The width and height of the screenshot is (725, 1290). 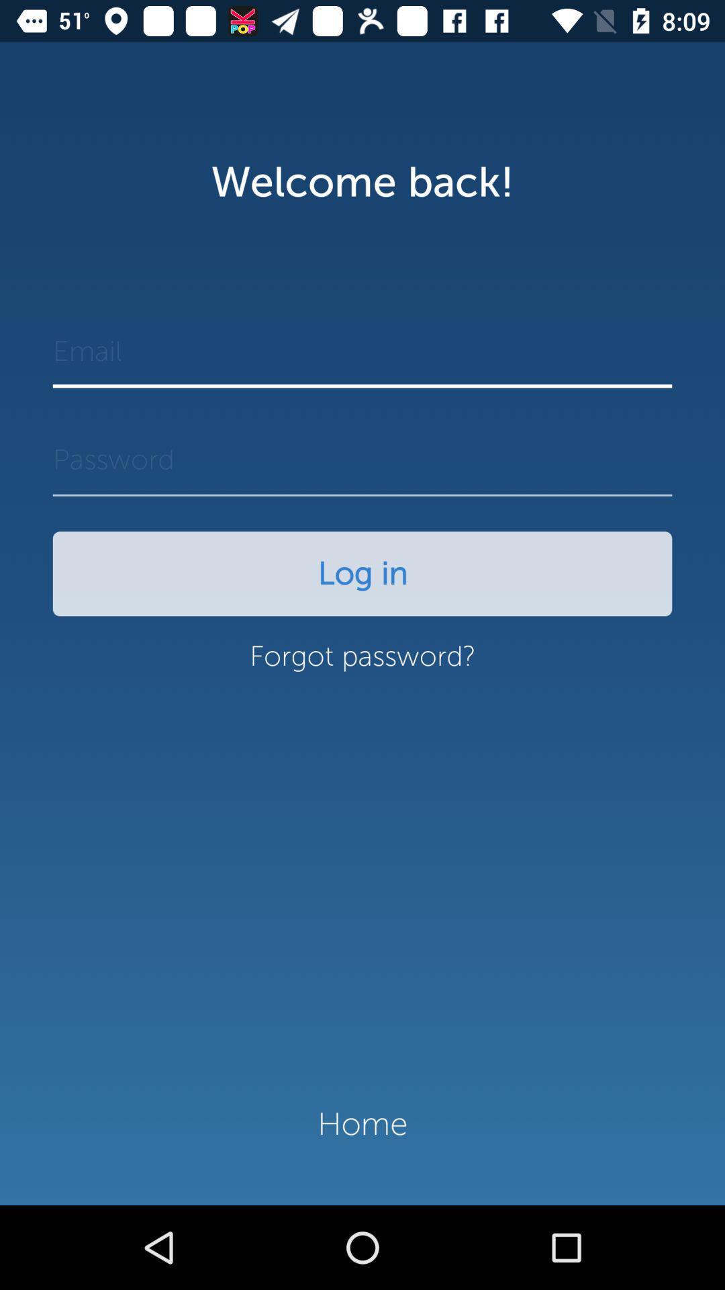 What do you see at coordinates (362, 1124) in the screenshot?
I see `home item` at bounding box center [362, 1124].